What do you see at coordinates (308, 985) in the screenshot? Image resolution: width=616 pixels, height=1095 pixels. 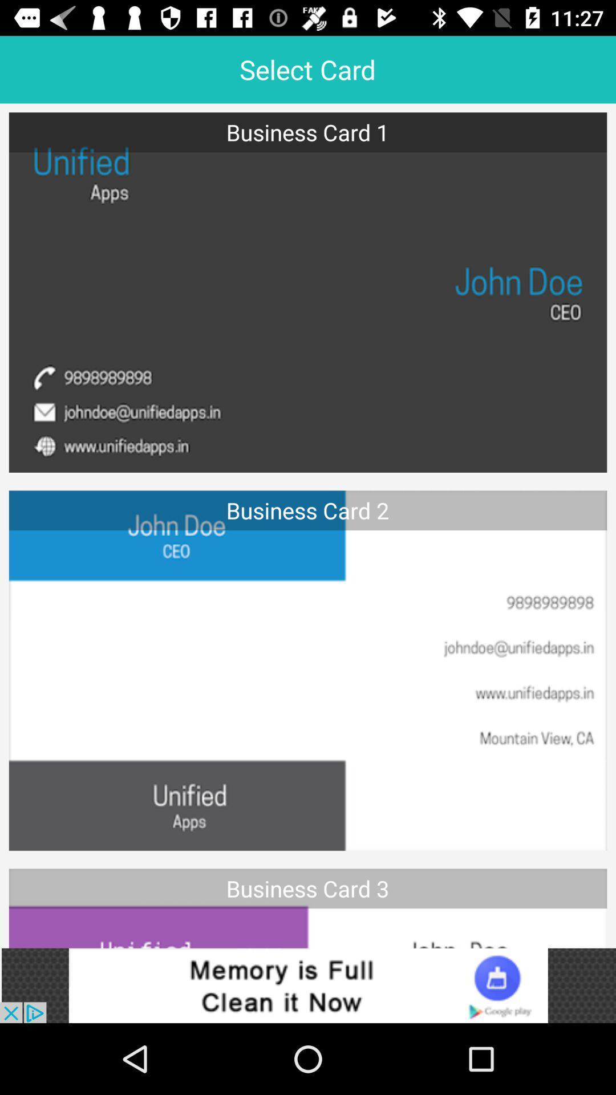 I see `clickable advertisement` at bounding box center [308, 985].